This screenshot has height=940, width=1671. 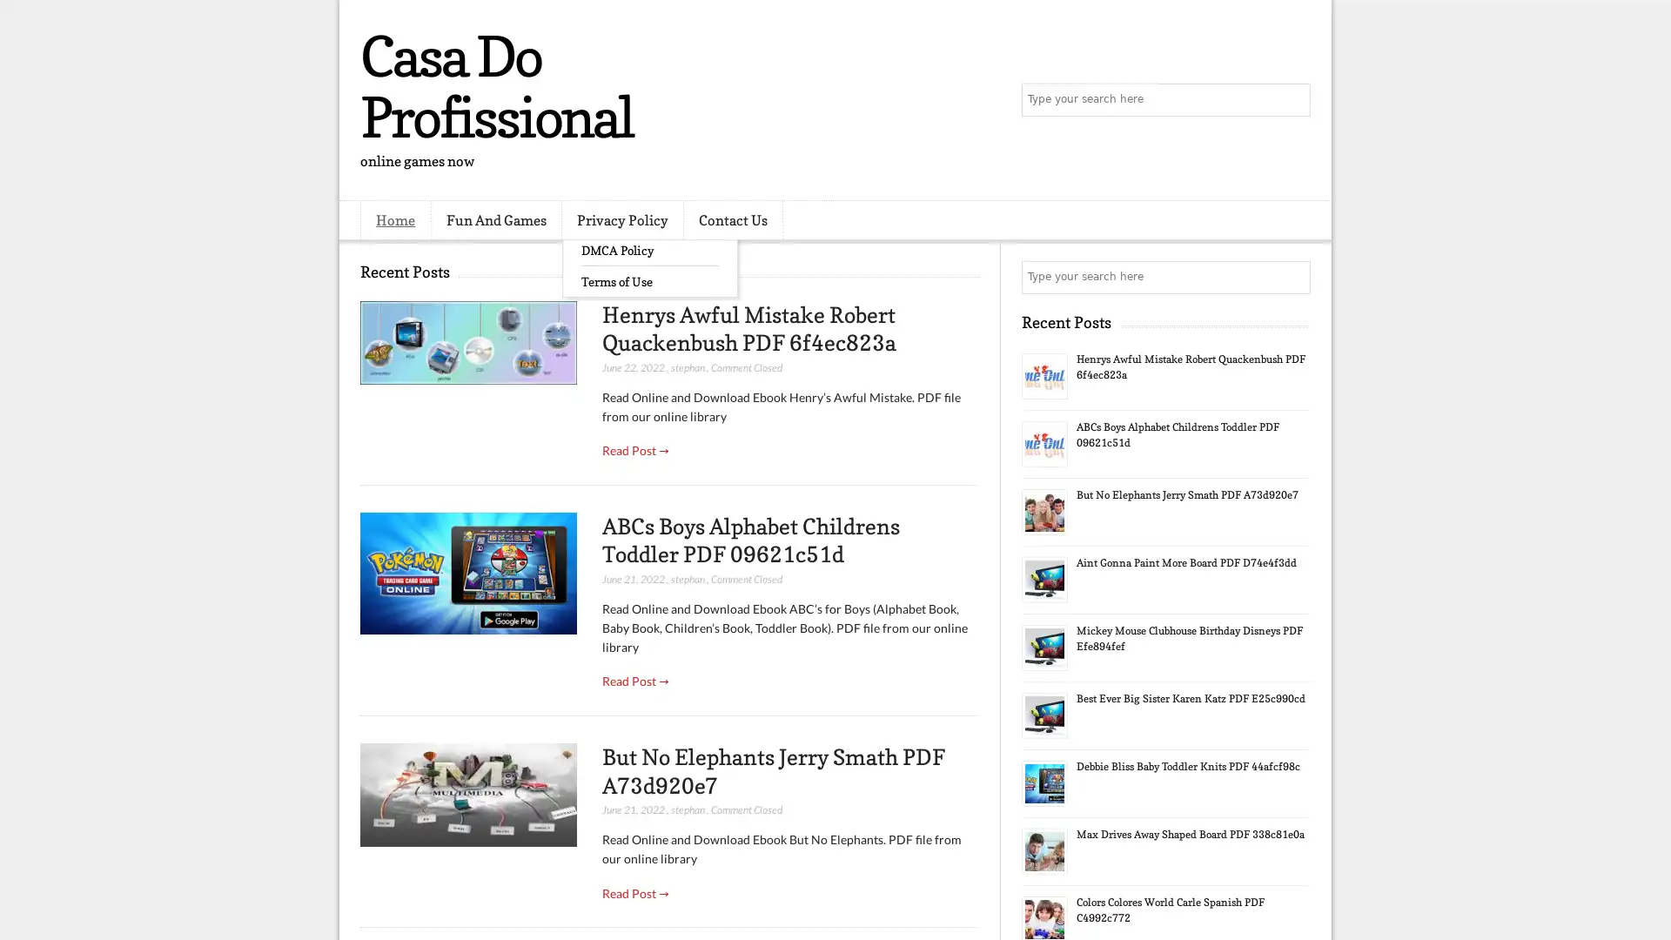 I want to click on Search, so click(x=1292, y=100).